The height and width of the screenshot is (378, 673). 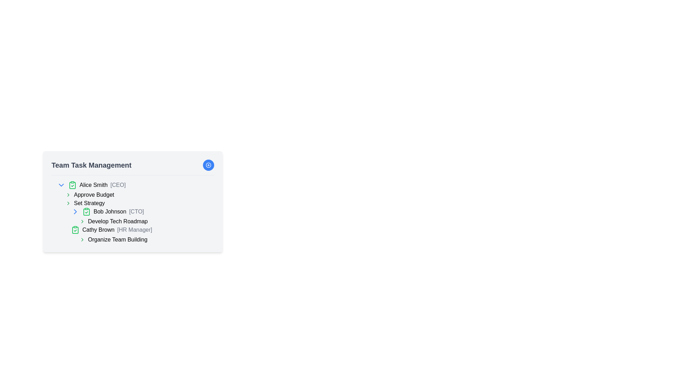 What do you see at coordinates (208, 165) in the screenshot?
I see `the circular button with a plus symbol inside, located in the top-right corner of the 'Team Task Management' card` at bounding box center [208, 165].